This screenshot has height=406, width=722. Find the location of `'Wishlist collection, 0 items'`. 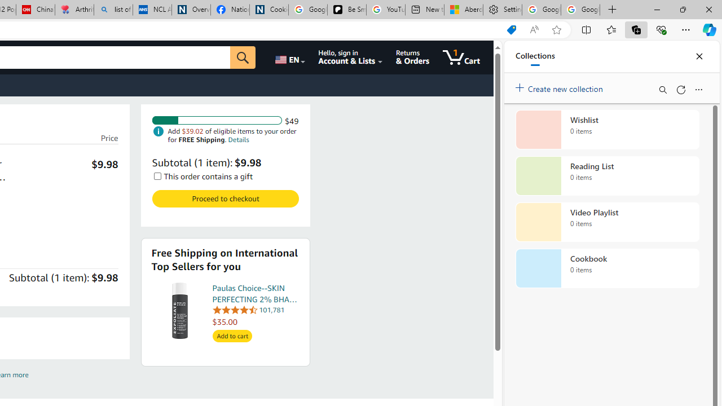

'Wishlist collection, 0 items' is located at coordinates (607, 129).